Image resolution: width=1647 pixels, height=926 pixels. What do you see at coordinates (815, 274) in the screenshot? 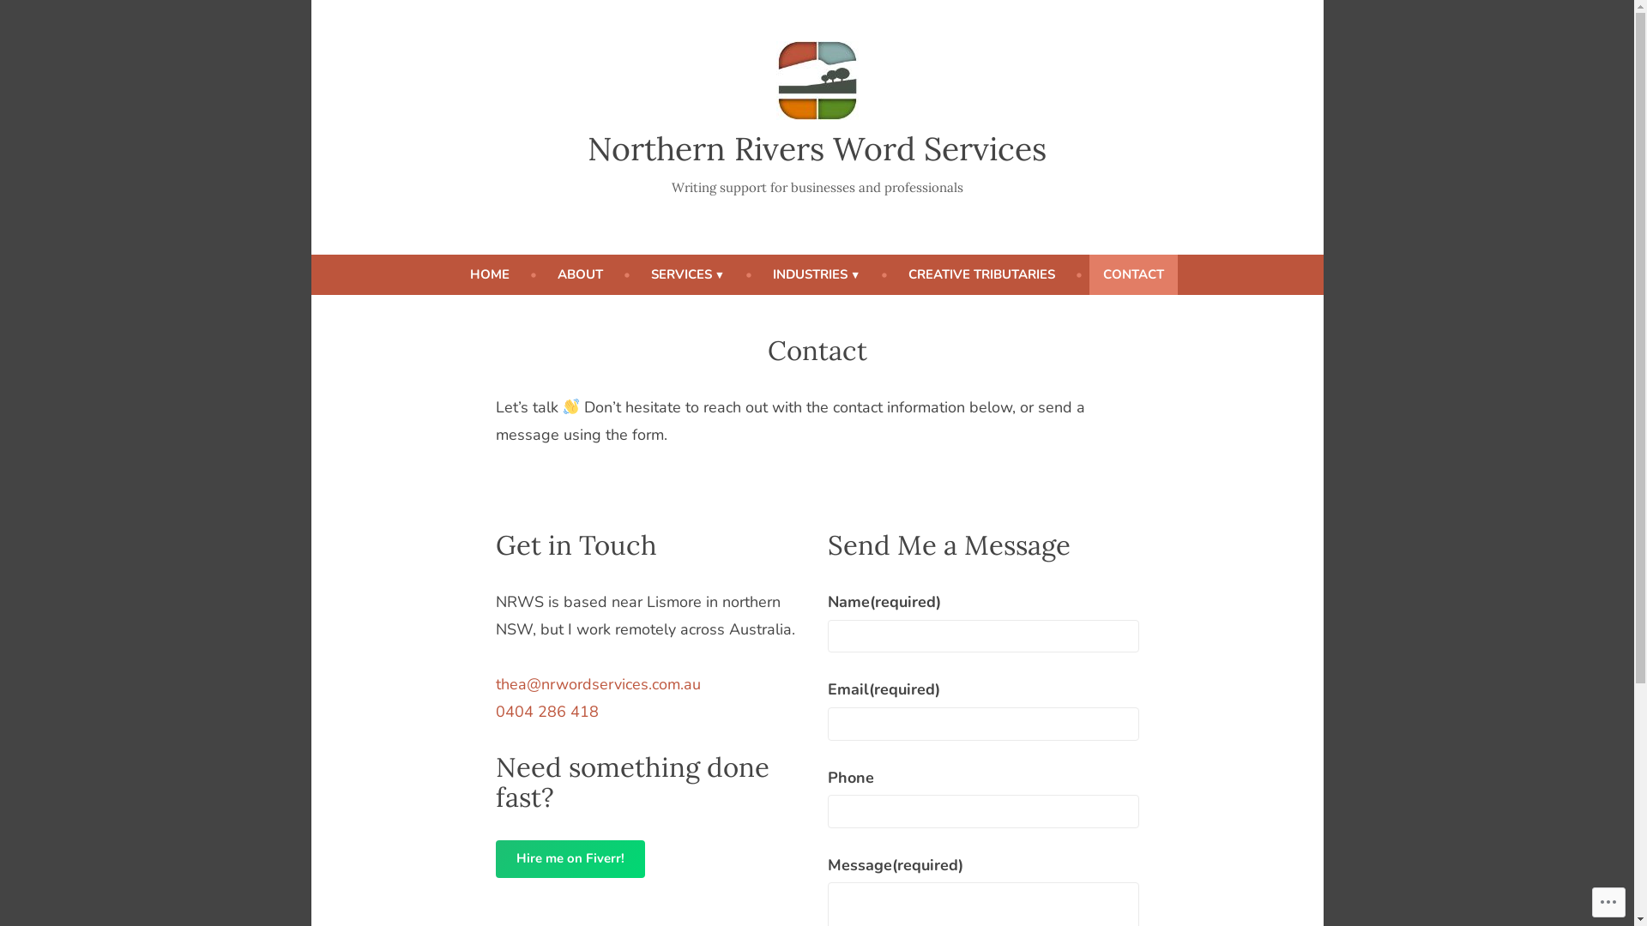
I see `'INDUSTRIES'` at bounding box center [815, 274].